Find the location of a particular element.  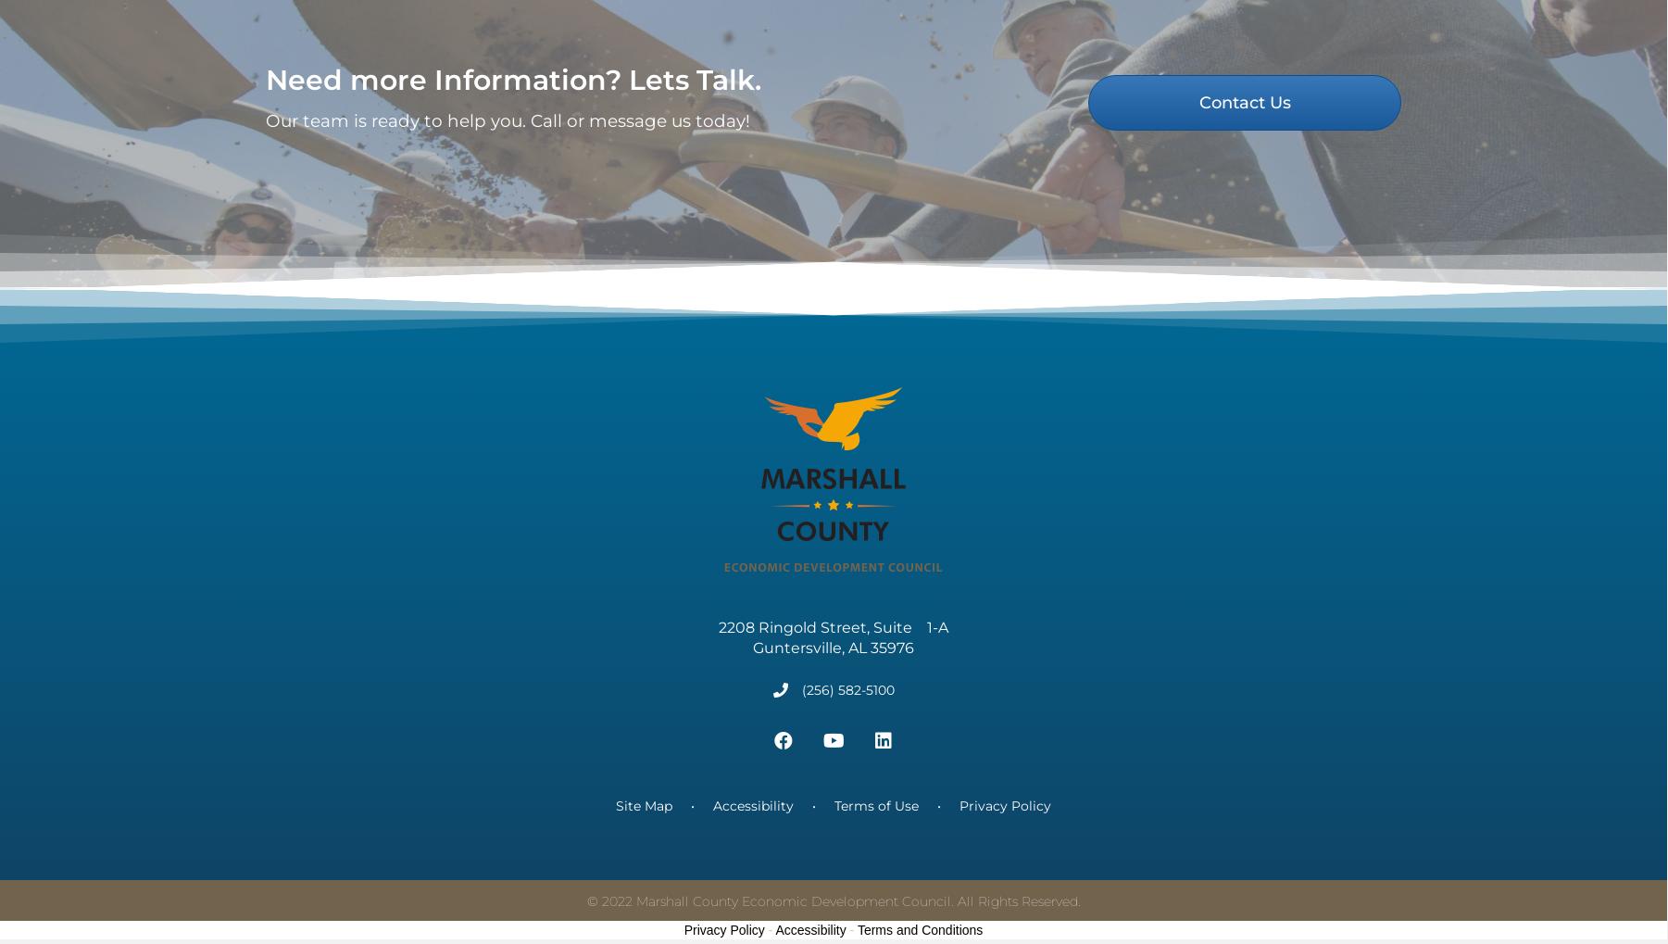

'(256) 582-5100' is located at coordinates (800, 712).